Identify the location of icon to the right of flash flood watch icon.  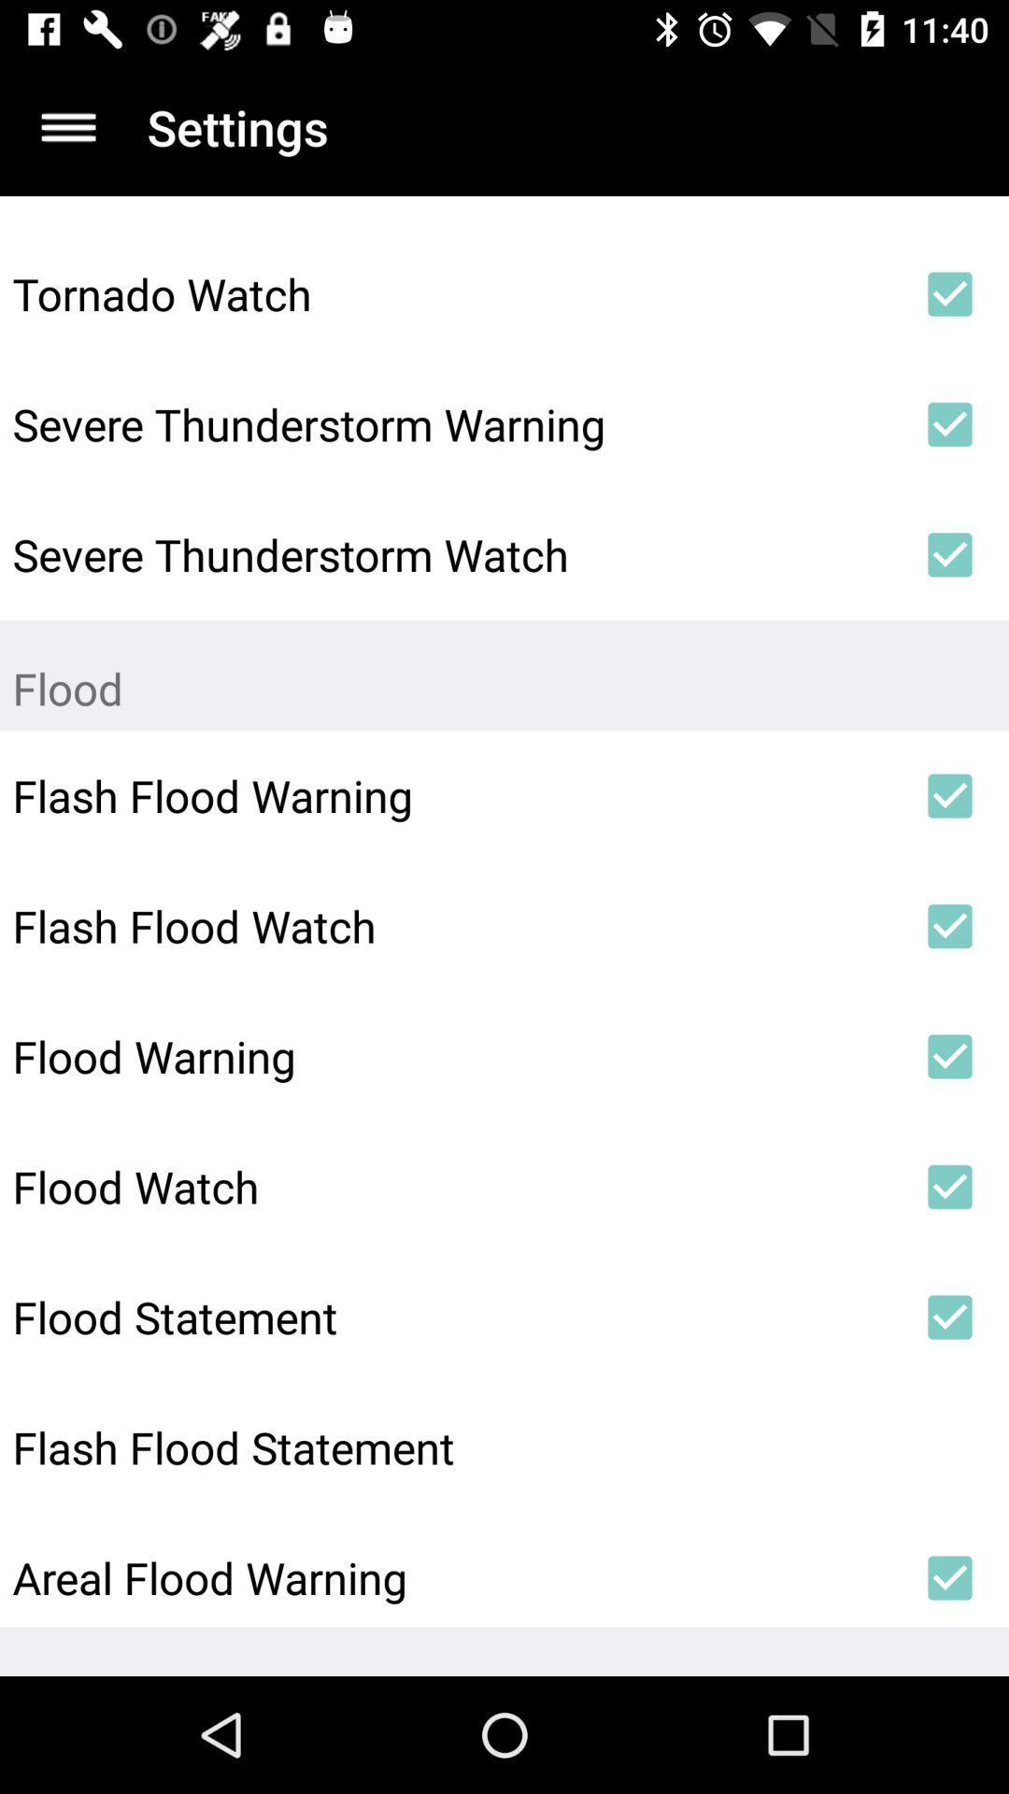
(950, 926).